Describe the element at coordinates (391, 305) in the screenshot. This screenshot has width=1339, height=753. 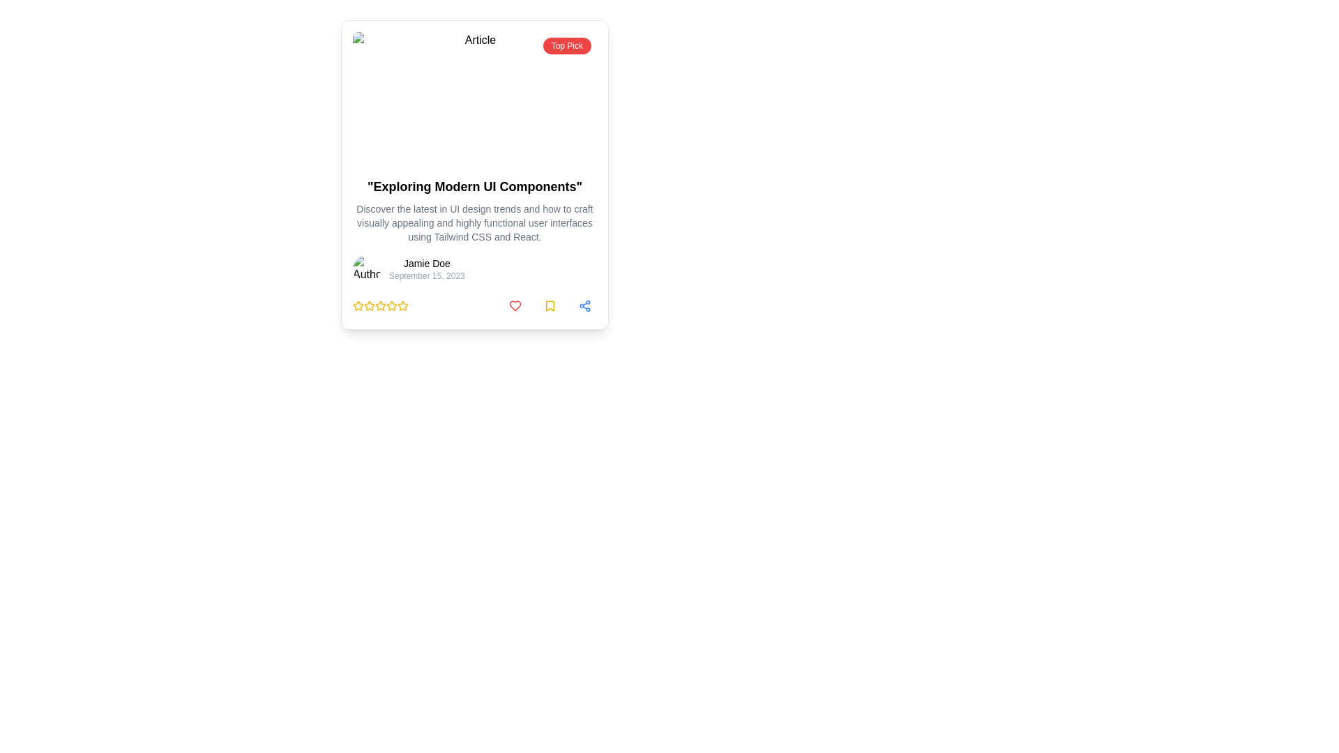
I see `the second star in the interactive rating system` at that location.